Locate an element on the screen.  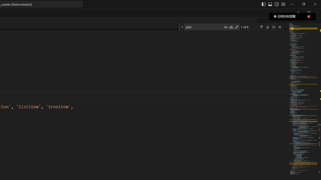
'Previous Match (Shift+Enter)' is located at coordinates (261, 27).